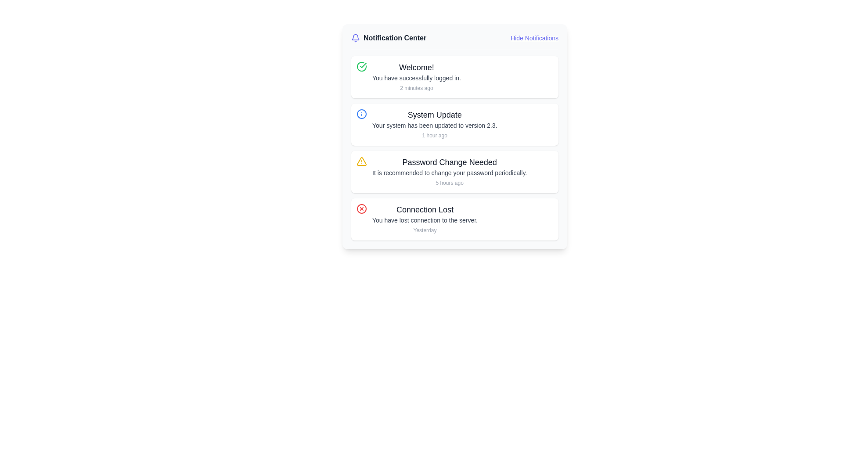 This screenshot has width=843, height=474. What do you see at coordinates (450, 172) in the screenshot?
I see `the notification panel that displays 'Password Change Needed' with a warning icon, located in the notification center` at bounding box center [450, 172].